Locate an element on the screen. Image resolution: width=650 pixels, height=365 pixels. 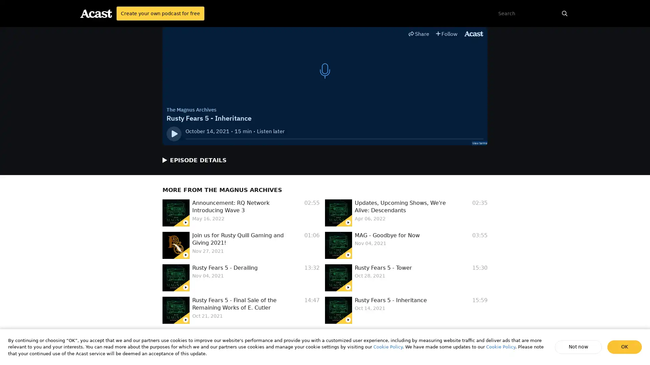
EPISODE DETAILS is located at coordinates (191, 160).